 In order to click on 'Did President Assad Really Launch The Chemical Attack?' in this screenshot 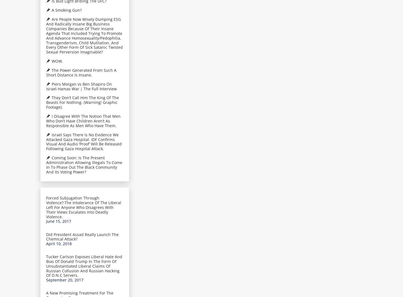, I will do `click(82, 236)`.